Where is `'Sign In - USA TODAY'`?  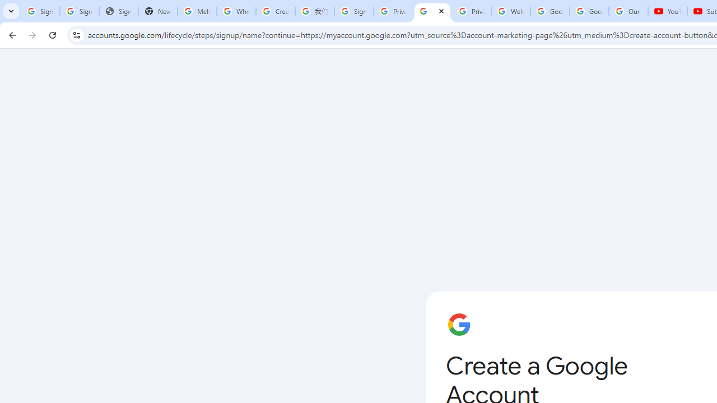
'Sign In - USA TODAY' is located at coordinates (118, 11).